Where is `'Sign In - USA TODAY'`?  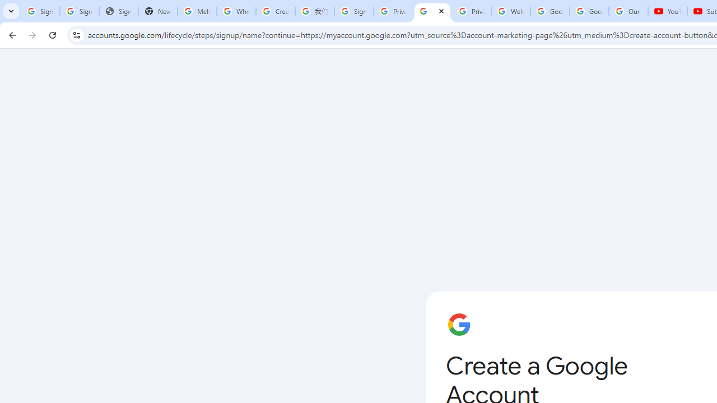
'Sign In - USA TODAY' is located at coordinates (118, 11).